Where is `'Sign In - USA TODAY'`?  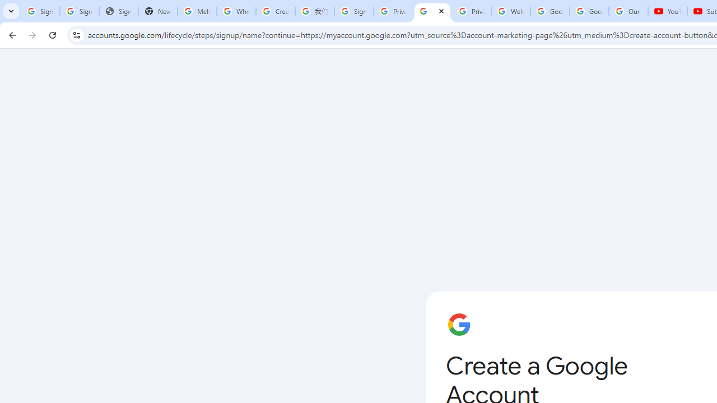
'Sign In - USA TODAY' is located at coordinates (118, 11).